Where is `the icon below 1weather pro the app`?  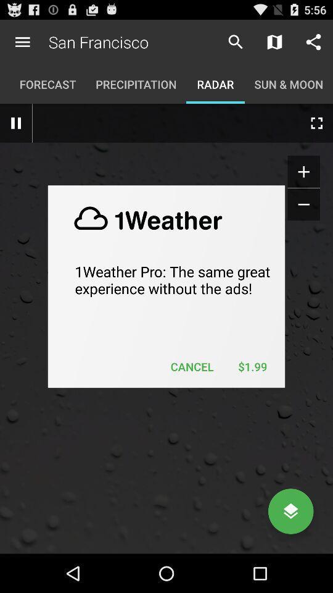 the icon below 1weather pro the app is located at coordinates (192, 366).